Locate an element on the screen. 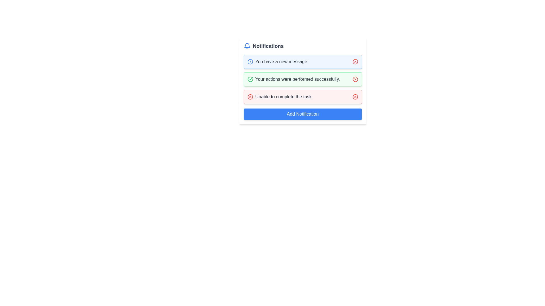 The width and height of the screenshot is (545, 306). the dismiss button located at the rightmost position beside the notification message 'Unable to complete the task.' is located at coordinates (355, 97).